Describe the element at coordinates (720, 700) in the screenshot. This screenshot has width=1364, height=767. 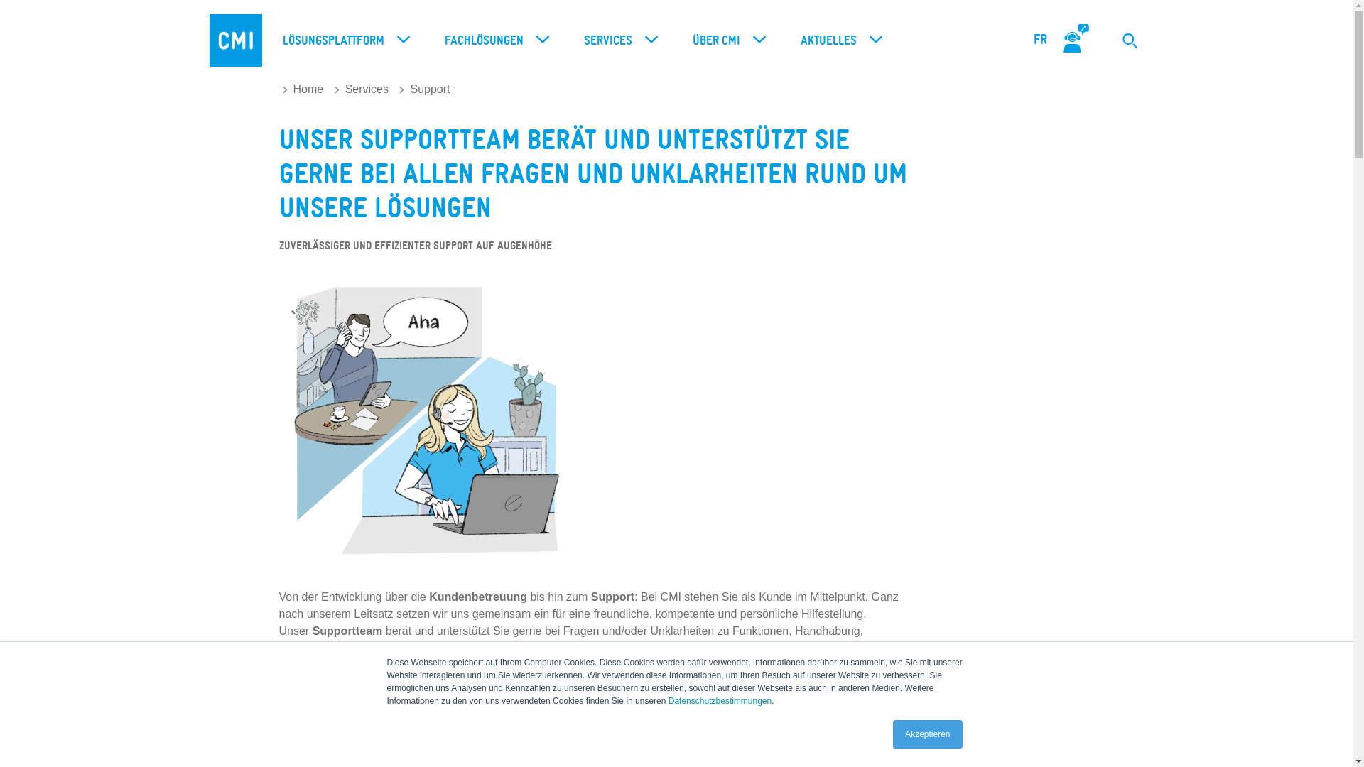
I see `'Datenschutzbestimmungen'` at that location.